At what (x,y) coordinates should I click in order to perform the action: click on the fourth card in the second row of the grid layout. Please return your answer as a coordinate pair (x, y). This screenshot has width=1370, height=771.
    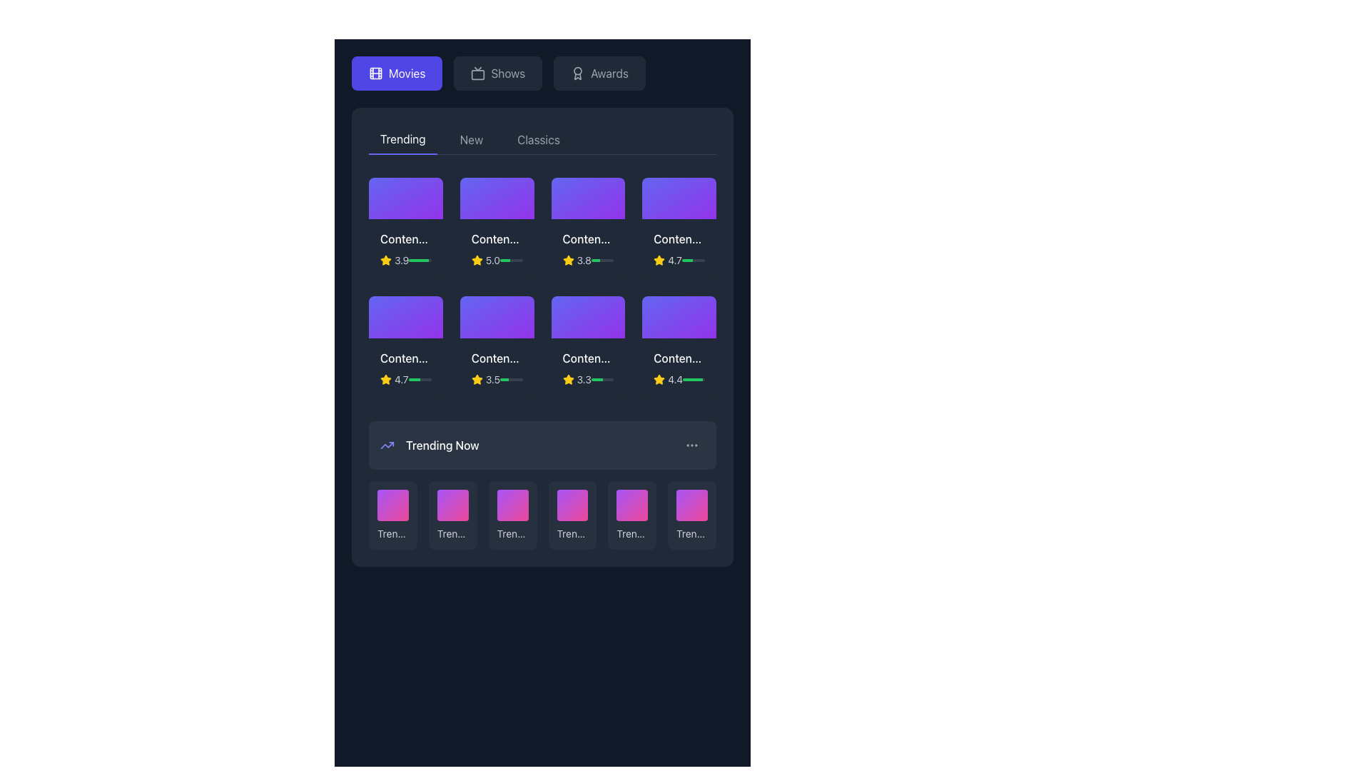
    Looking at the image, I should click on (679, 347).